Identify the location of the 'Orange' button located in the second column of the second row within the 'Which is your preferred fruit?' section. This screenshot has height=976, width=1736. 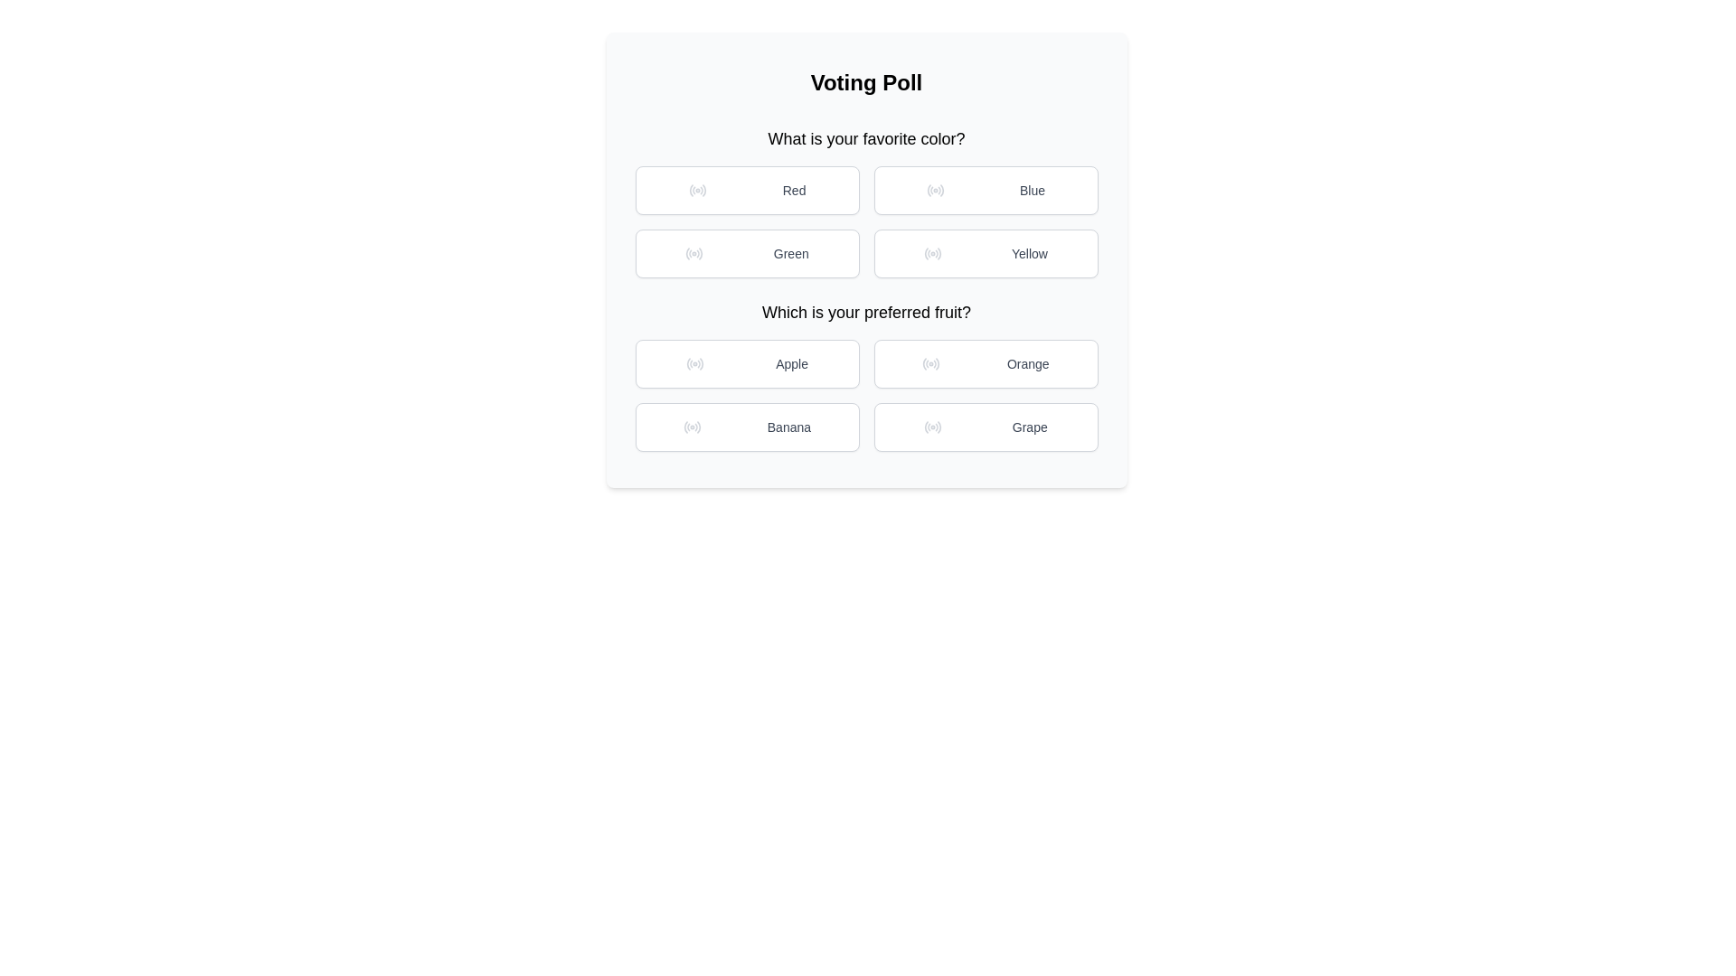
(985, 363).